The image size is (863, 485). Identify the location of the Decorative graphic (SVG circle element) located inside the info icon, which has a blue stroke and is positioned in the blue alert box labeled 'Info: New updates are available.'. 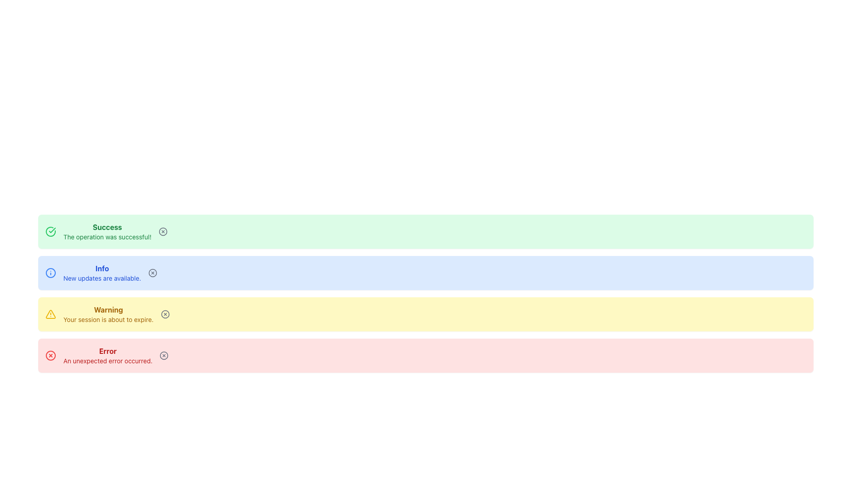
(50, 273).